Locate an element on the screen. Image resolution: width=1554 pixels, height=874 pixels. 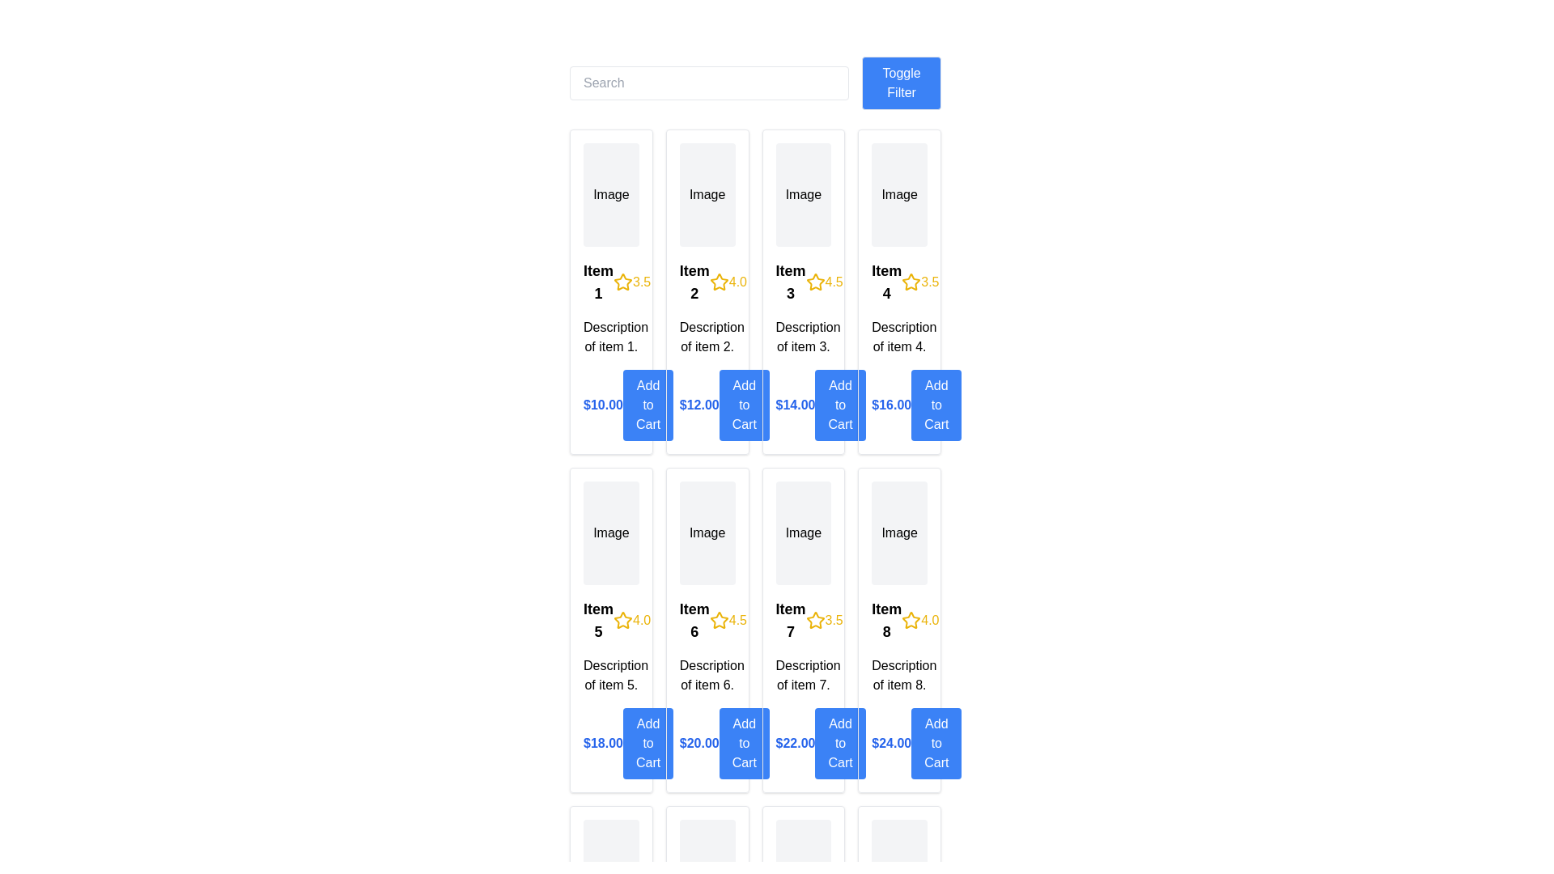
text from the label displaying 'Item 8', which is bold and slightly larger than surrounding text, located at the bottom of a grid cell in the rightmost column, fourth row is located at coordinates (885, 620).